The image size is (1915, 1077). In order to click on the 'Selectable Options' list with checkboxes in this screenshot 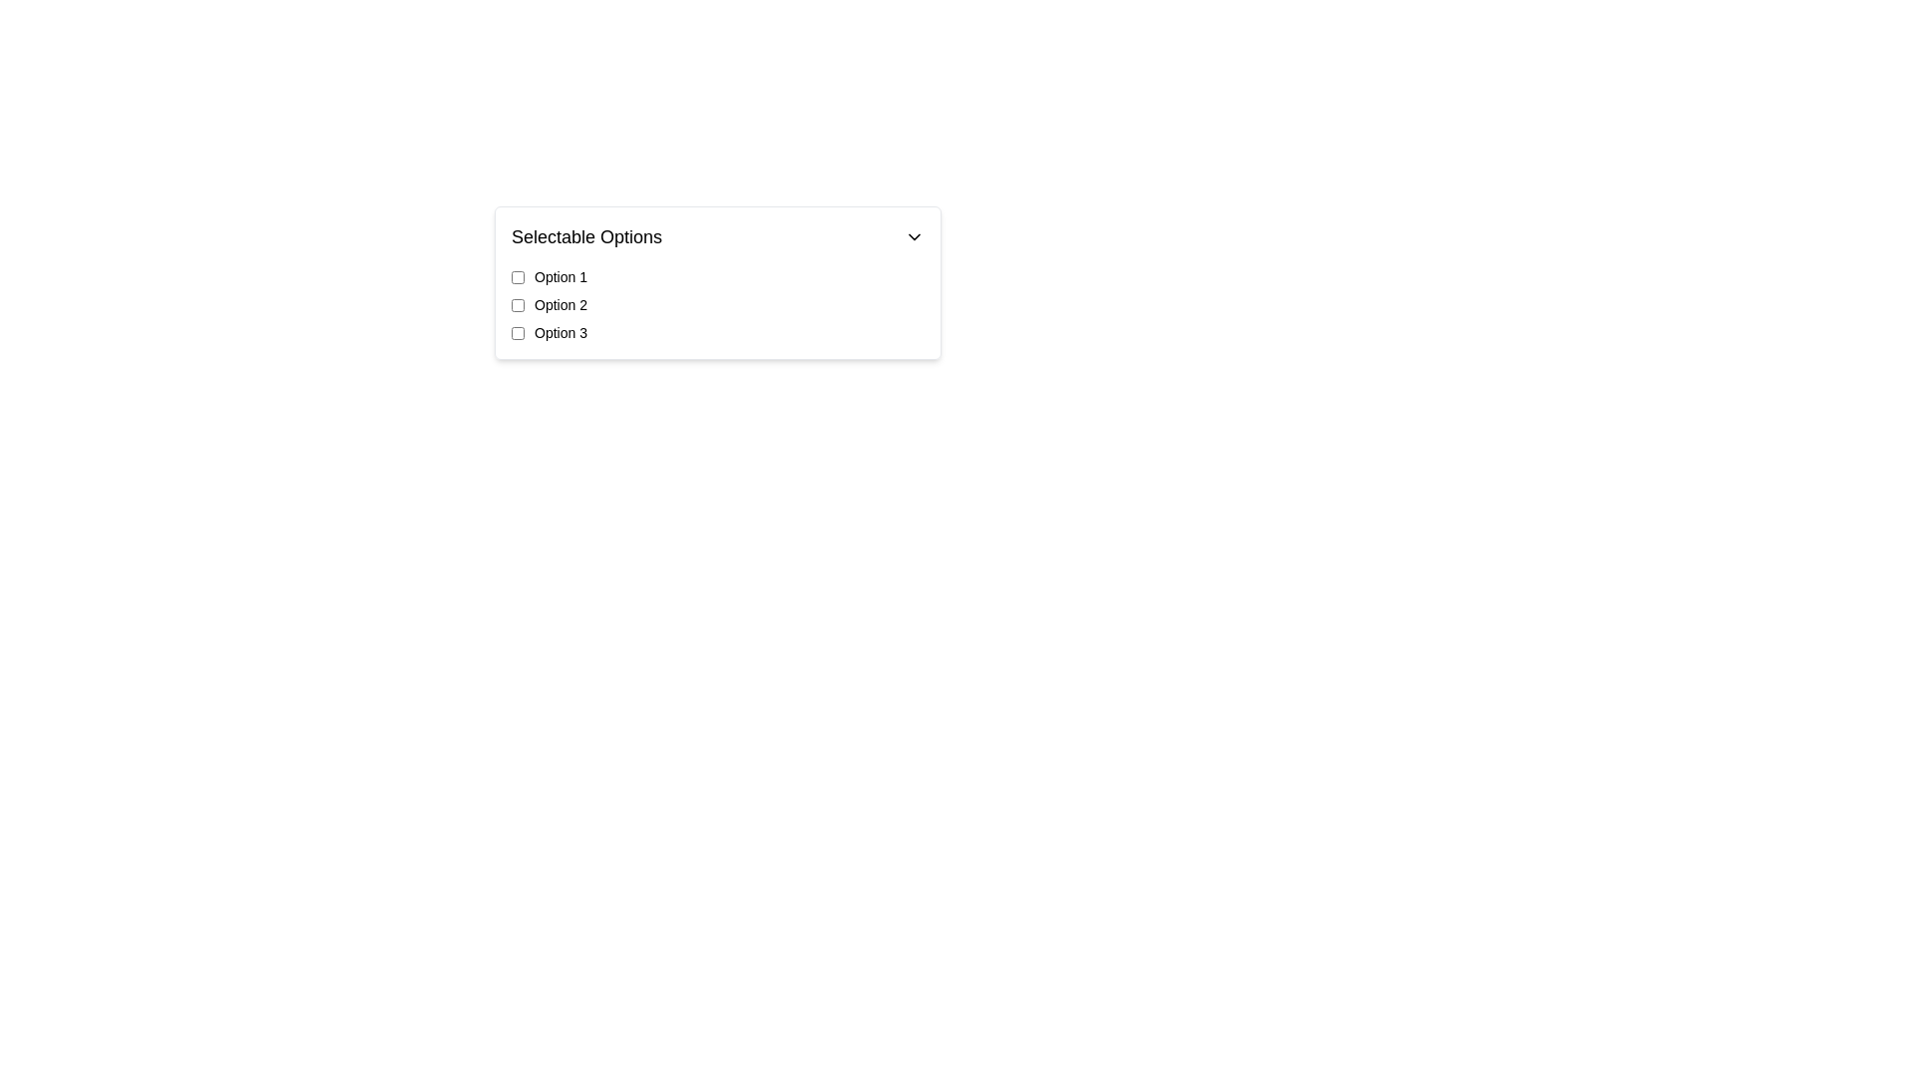, I will do `click(864, 362)`.